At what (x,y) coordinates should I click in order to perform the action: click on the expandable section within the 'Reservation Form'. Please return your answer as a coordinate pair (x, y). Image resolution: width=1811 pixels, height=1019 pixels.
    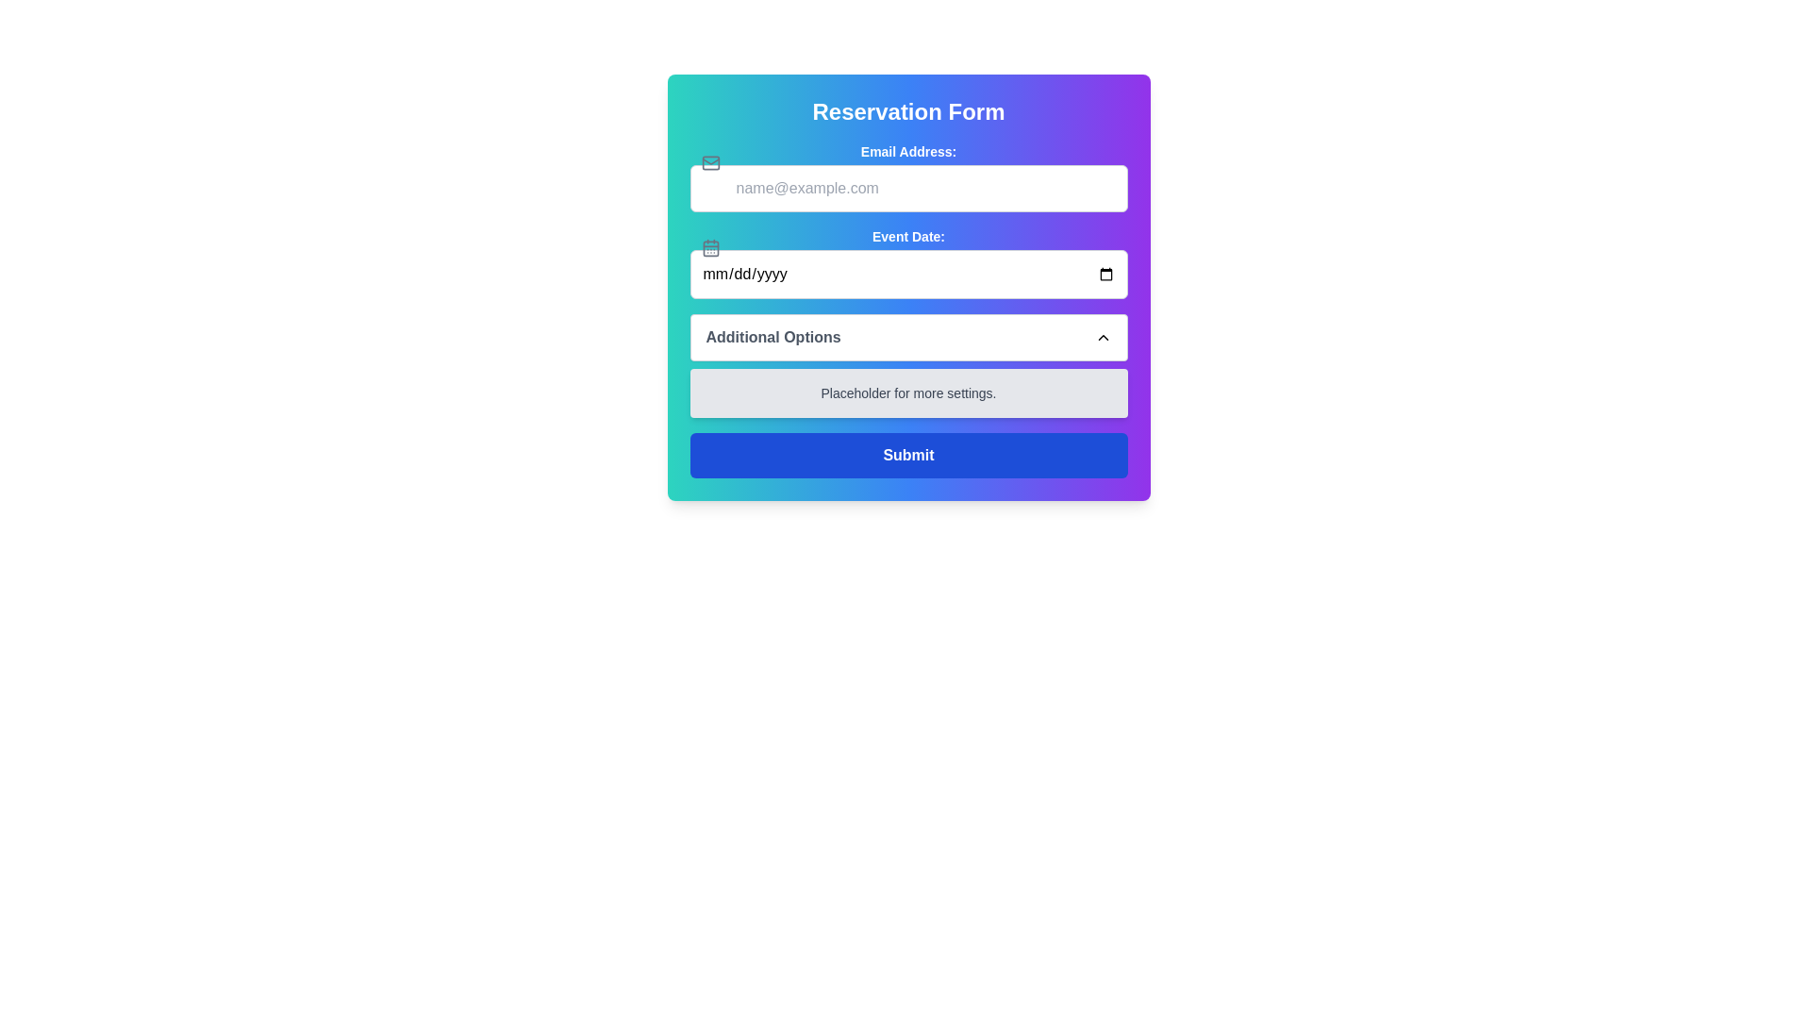
    Looking at the image, I should click on (908, 366).